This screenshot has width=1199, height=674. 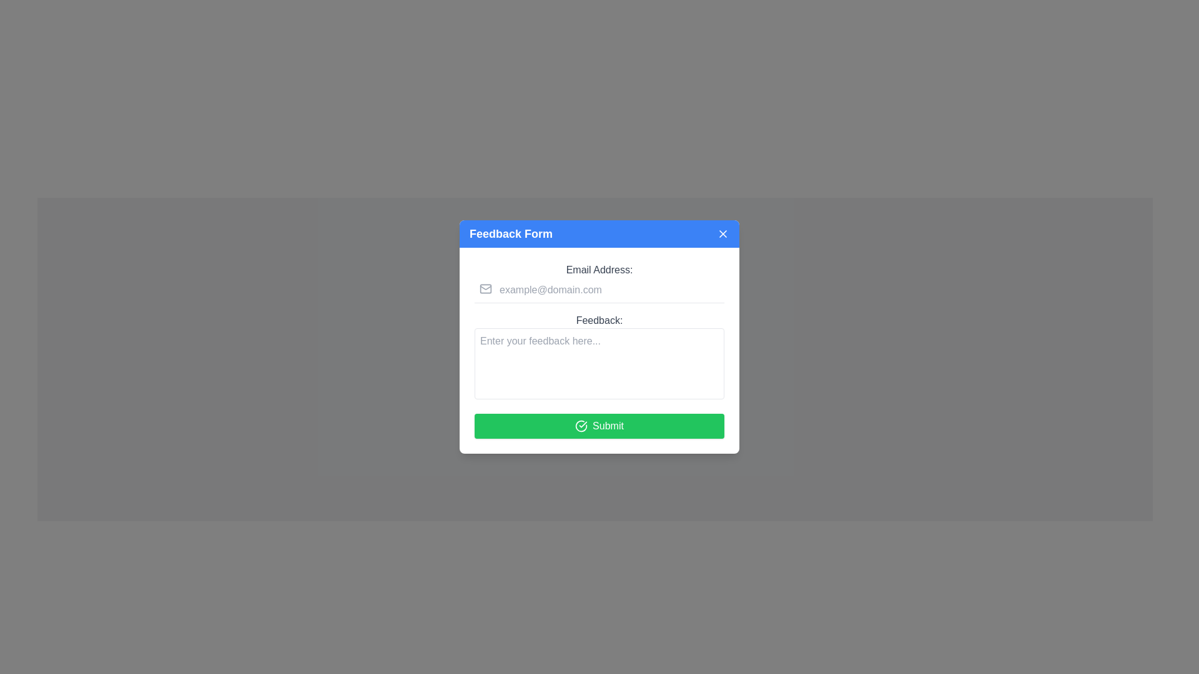 What do you see at coordinates (723, 233) in the screenshot?
I see `the close icon (SVG close mark) located in the top-right corner of the feedback form header` at bounding box center [723, 233].